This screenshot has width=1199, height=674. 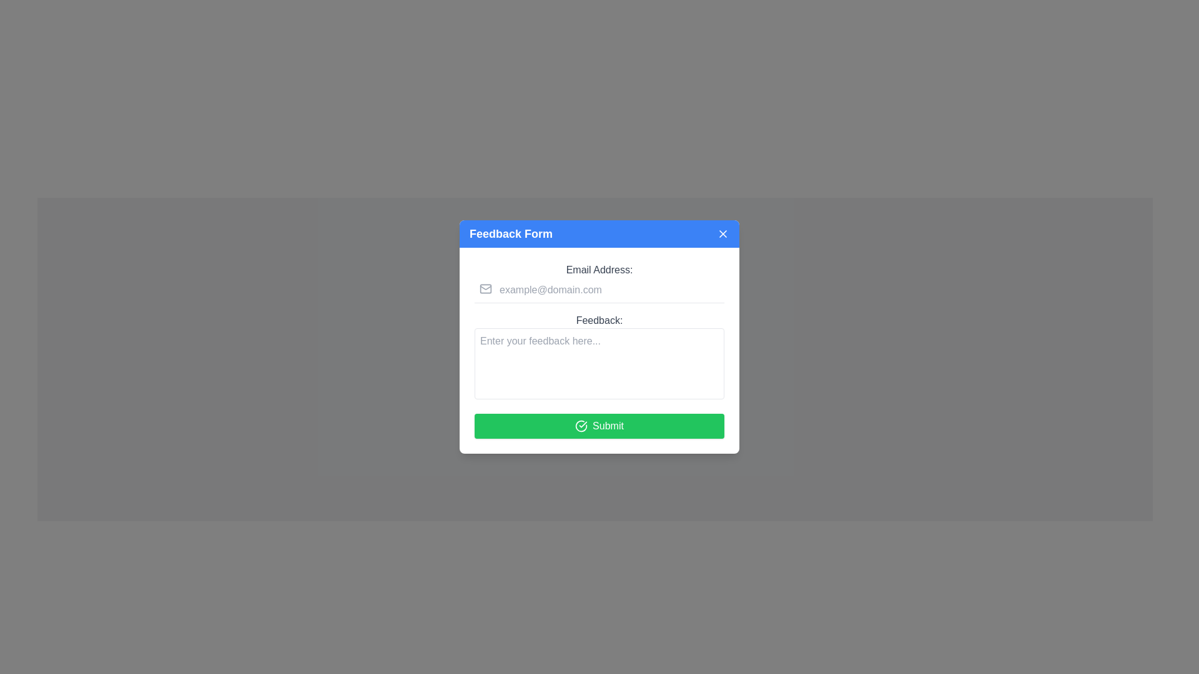 What do you see at coordinates (723, 233) in the screenshot?
I see `the close icon (SVG close mark) located in the top-right corner of the feedback form header` at bounding box center [723, 233].